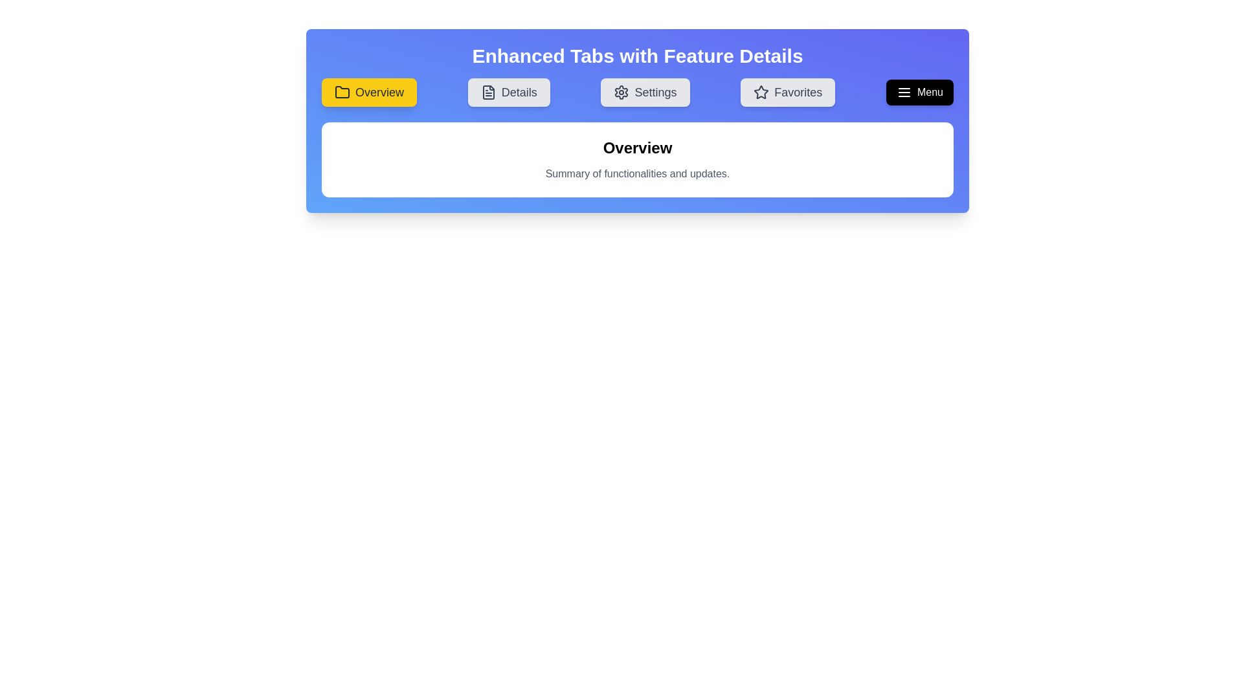  I want to click on the 'Overview' button located at the top left of the yellow button, which this icon visually decorates, so click(342, 91).